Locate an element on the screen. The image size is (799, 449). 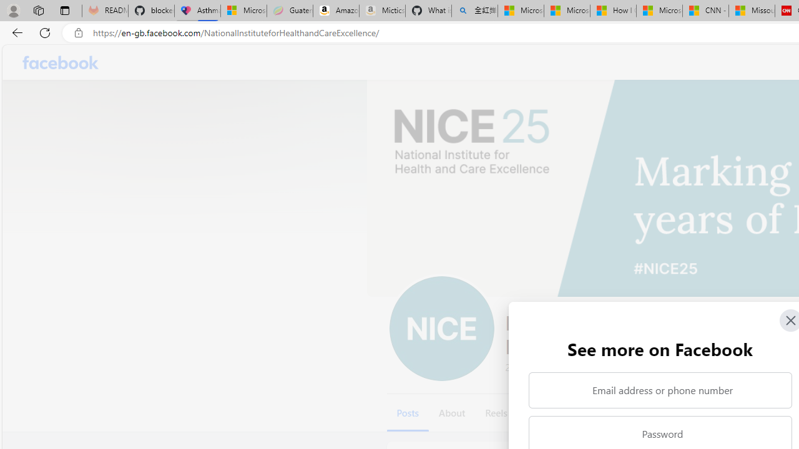
'Email address or phone number' is located at coordinates (659, 390).